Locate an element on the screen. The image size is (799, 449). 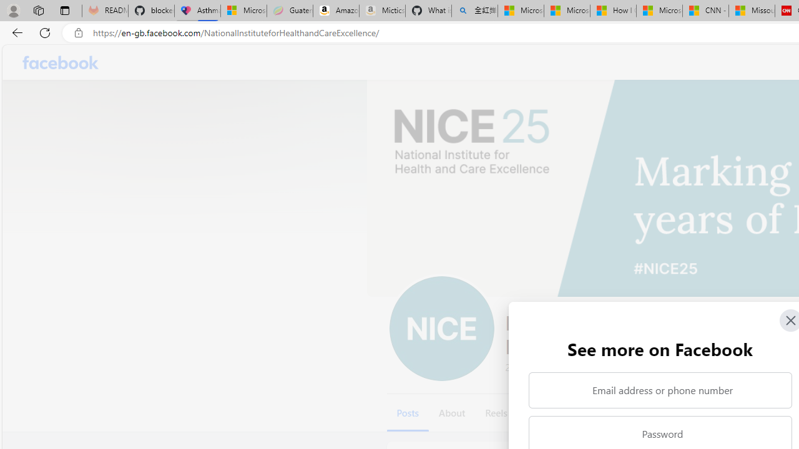
'Email address or phone number' is located at coordinates (659, 390).